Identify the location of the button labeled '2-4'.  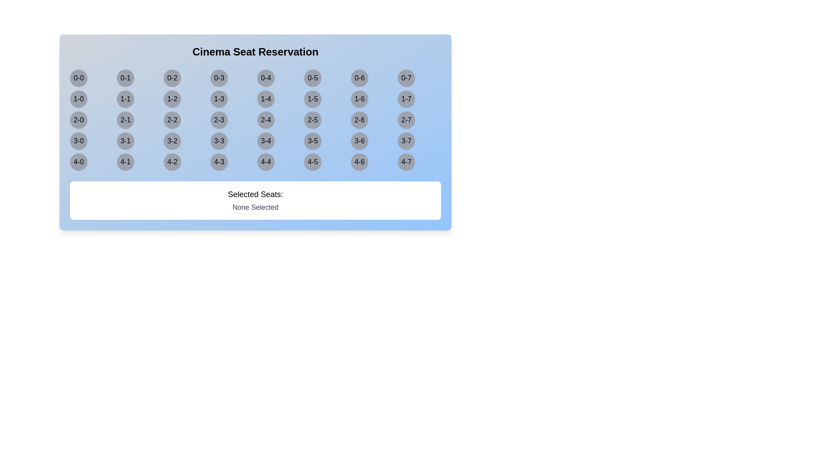
(266, 120).